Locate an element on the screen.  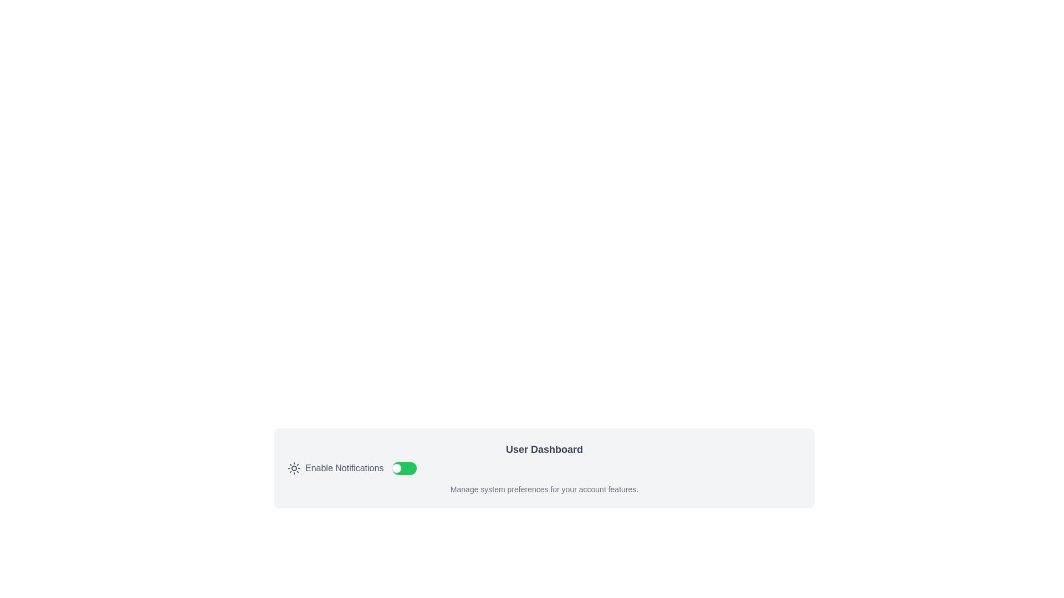
descriptive label for the toggle switch indicating the functionality of enabling notifications, located on the left side of the toggle switch is located at coordinates (335, 468).